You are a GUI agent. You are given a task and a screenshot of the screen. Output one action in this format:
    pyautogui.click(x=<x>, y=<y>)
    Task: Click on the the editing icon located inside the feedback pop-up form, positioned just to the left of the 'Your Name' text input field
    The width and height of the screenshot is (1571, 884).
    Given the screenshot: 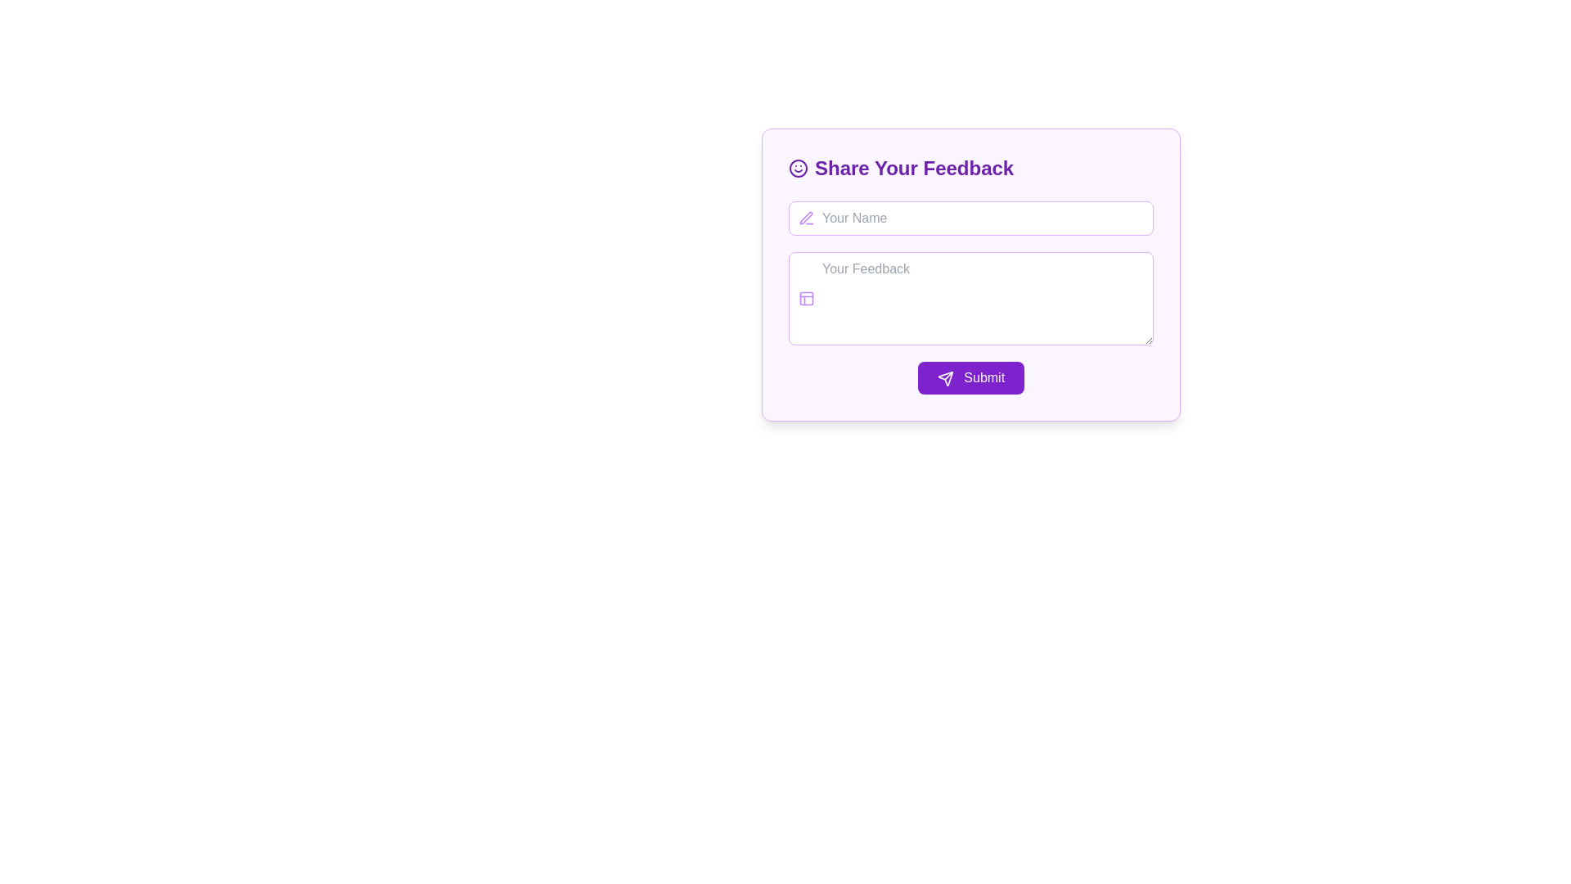 What is the action you would take?
    pyautogui.click(x=806, y=217)
    